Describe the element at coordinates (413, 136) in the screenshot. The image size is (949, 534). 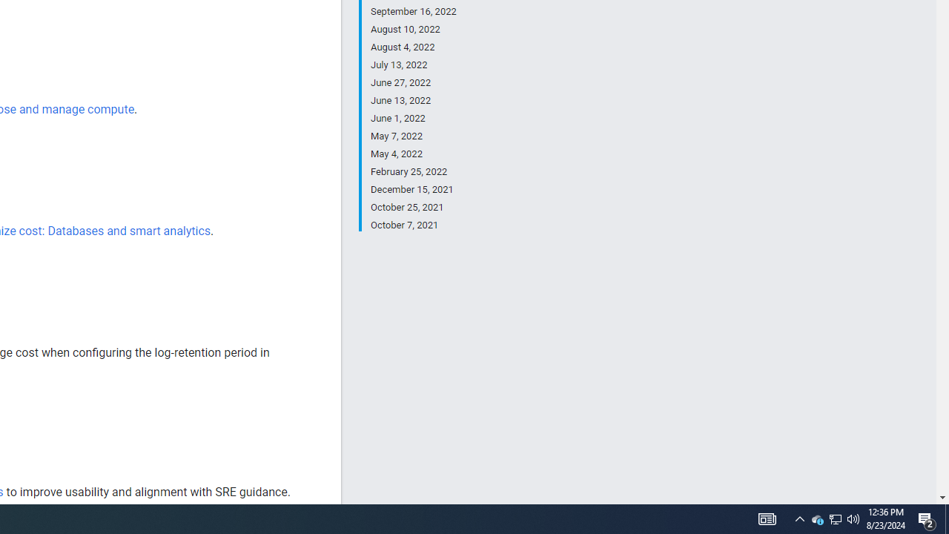
I see `'May 7, 2022'` at that location.